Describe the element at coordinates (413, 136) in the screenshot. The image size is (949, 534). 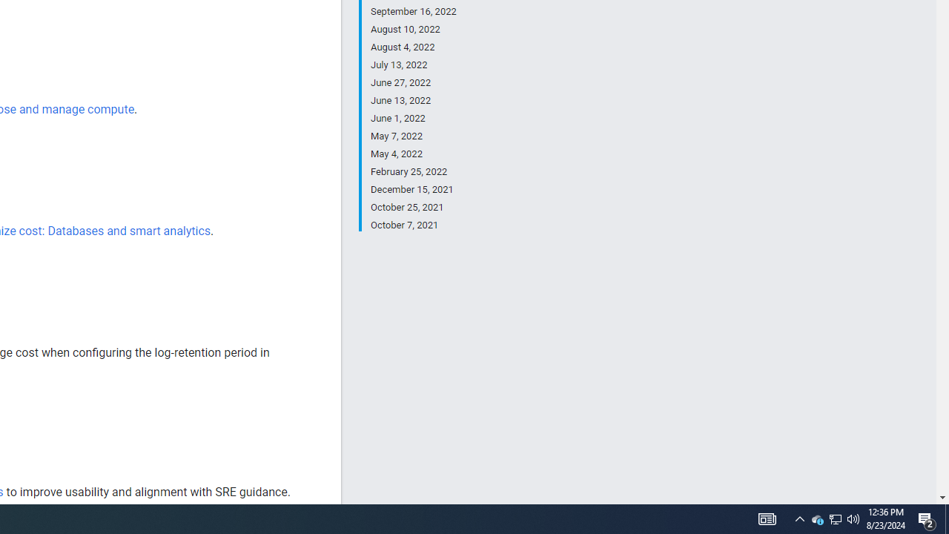
I see `'May 7, 2022'` at that location.